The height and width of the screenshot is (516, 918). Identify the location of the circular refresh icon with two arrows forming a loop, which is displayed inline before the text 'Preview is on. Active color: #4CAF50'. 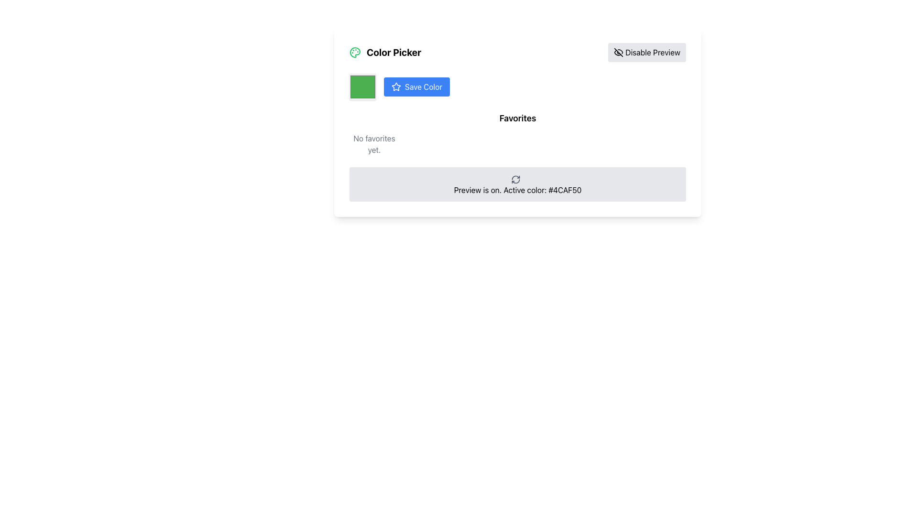
(515, 179).